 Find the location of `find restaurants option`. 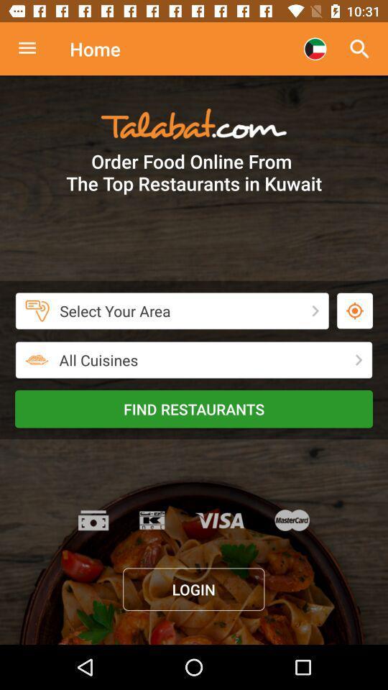

find restaurants option is located at coordinates (194, 409).